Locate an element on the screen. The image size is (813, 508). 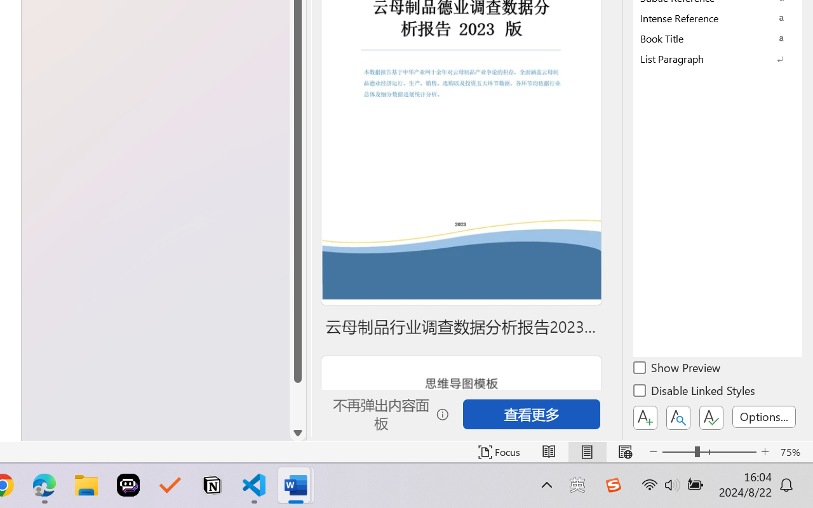
'Print Layout' is located at coordinates (586, 451).